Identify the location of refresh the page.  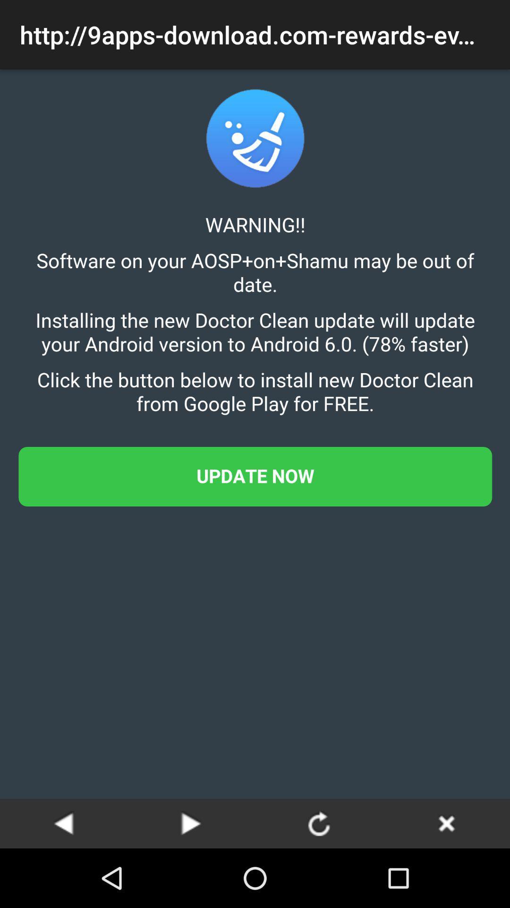
(319, 823).